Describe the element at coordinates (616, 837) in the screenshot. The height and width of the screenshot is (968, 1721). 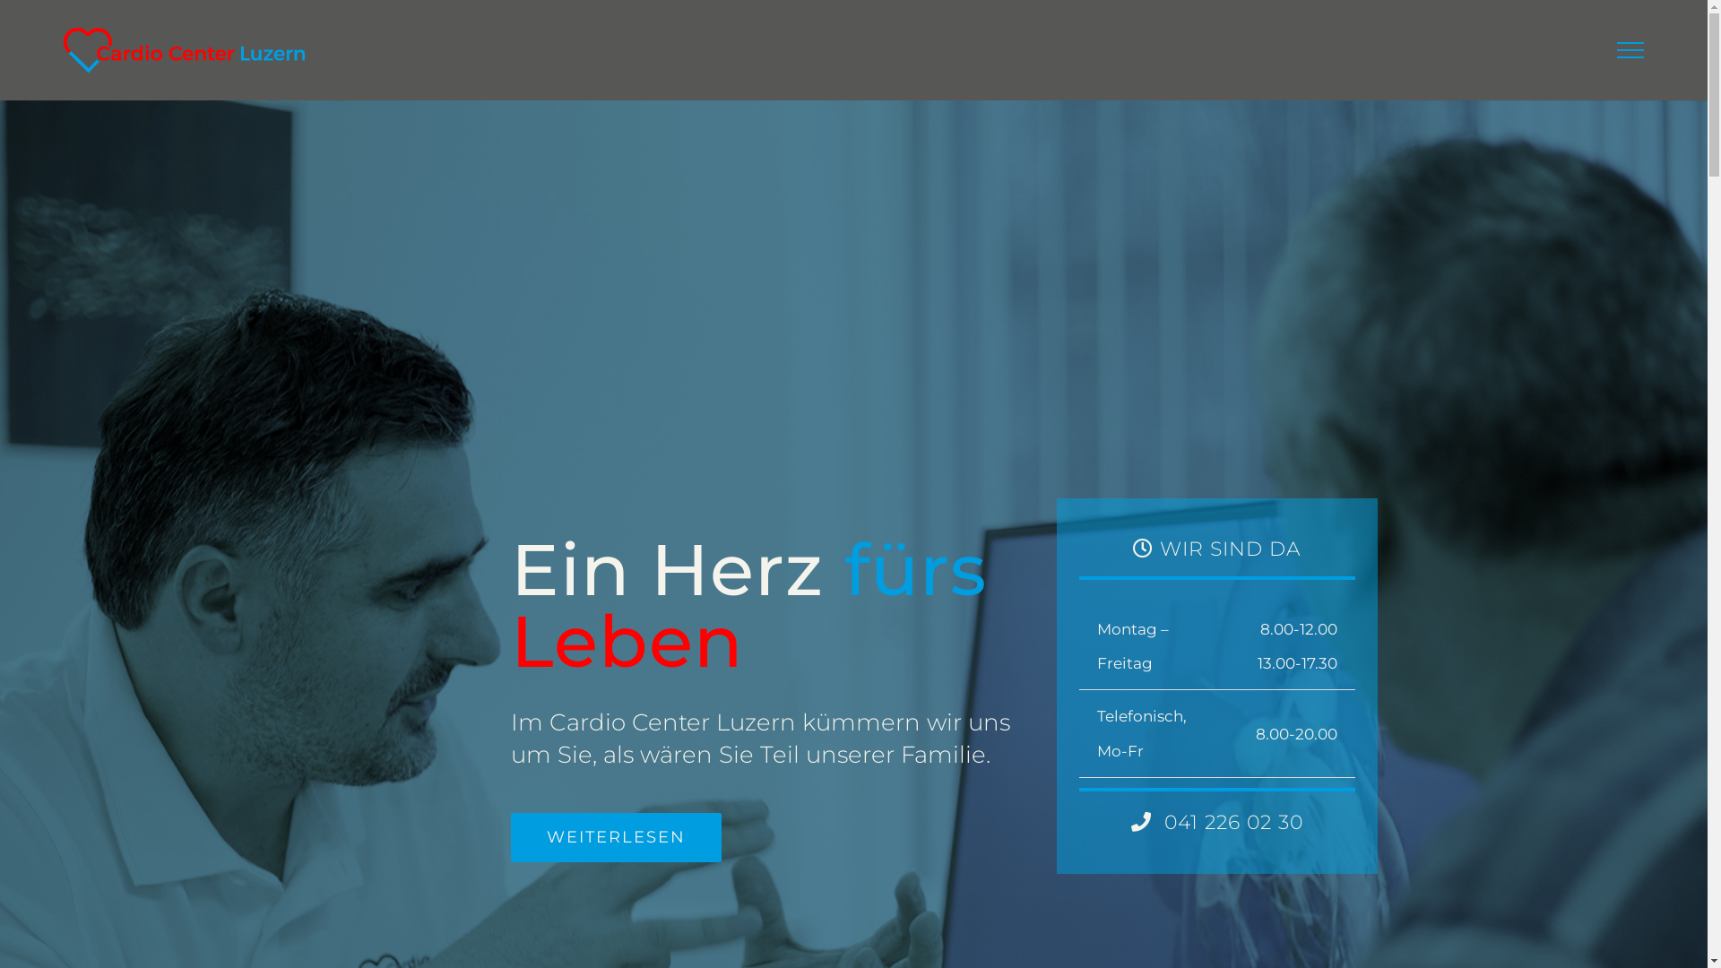
I see `'WEITERLESEN'` at that location.